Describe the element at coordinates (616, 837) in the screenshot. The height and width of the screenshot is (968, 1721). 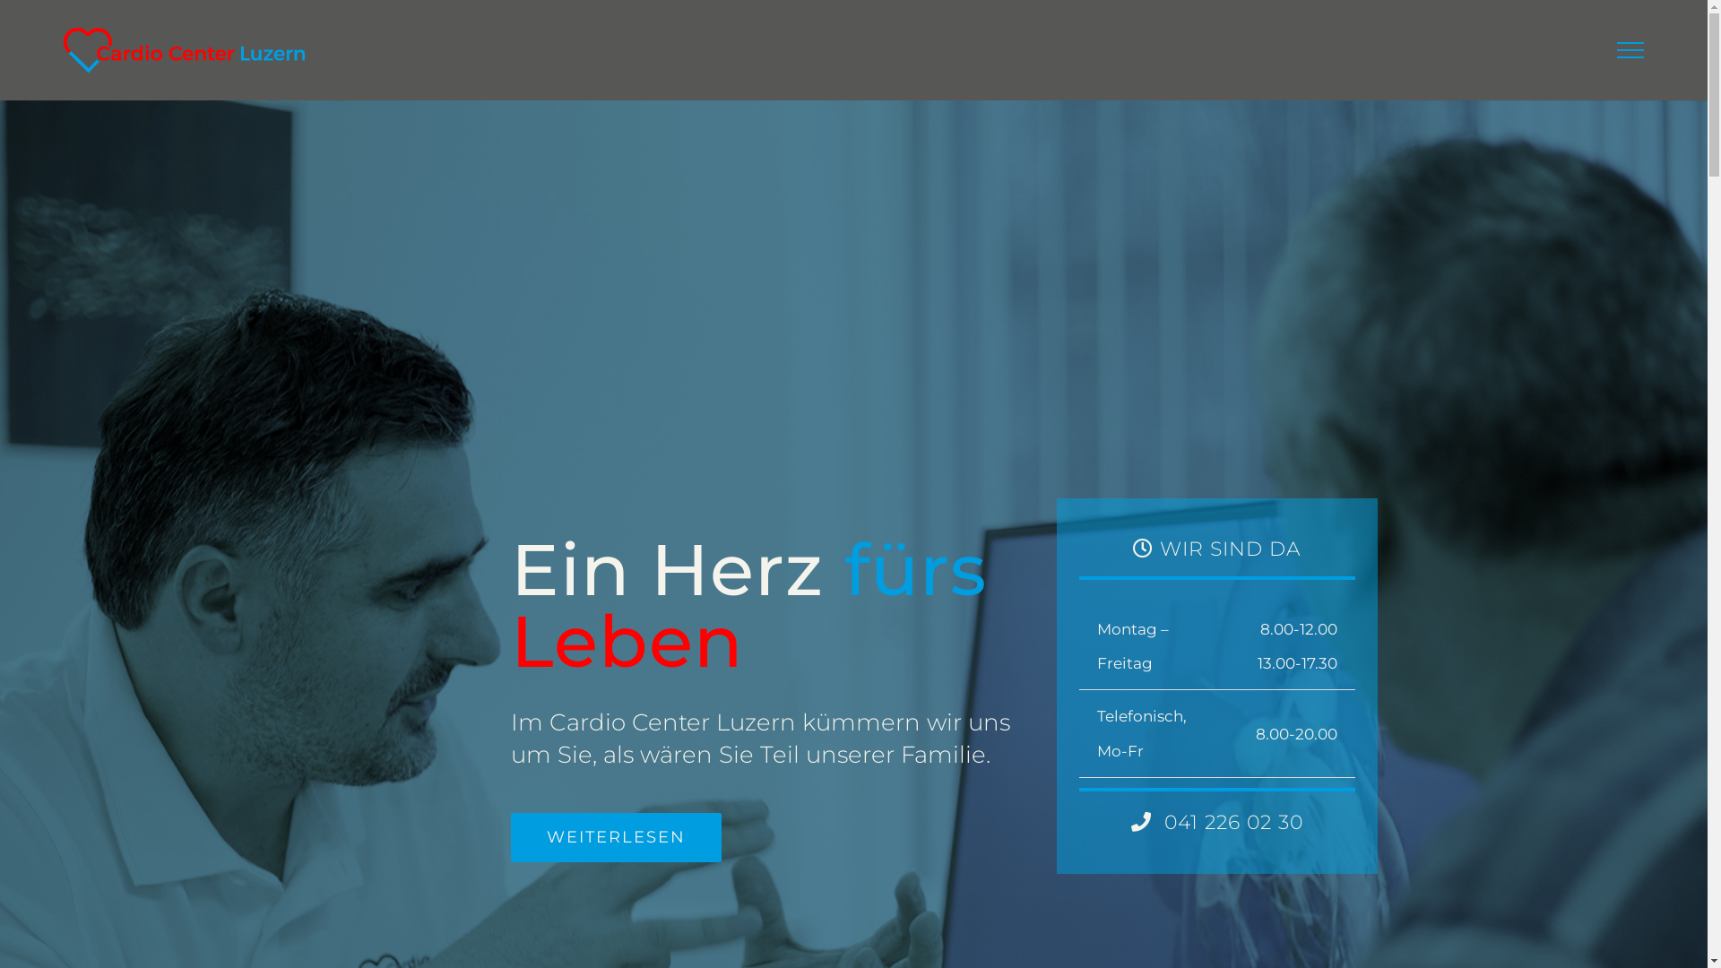
I see `'WEITERLESEN'` at that location.